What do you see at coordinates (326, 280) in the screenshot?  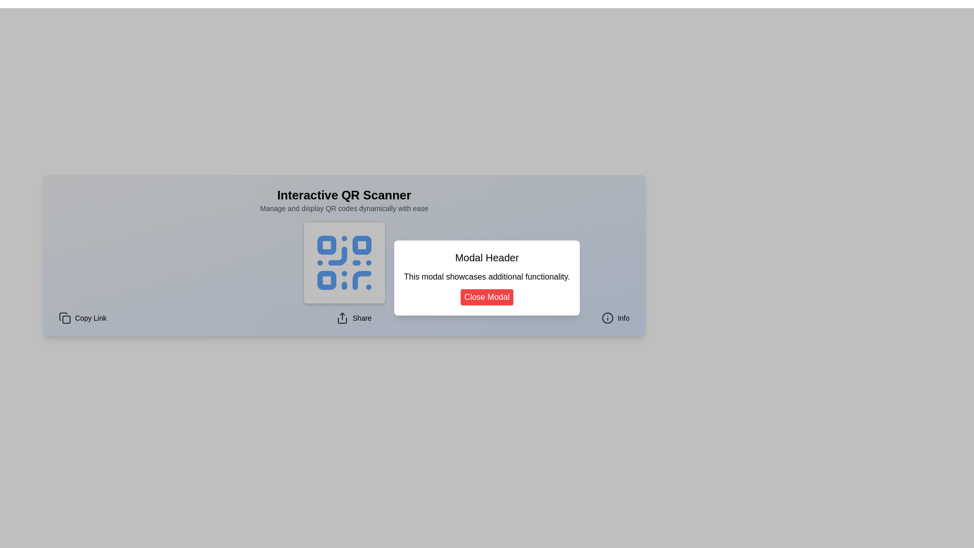 I see `the third decorative square within the QR code-like icon located on the left side of the modal content area` at bounding box center [326, 280].